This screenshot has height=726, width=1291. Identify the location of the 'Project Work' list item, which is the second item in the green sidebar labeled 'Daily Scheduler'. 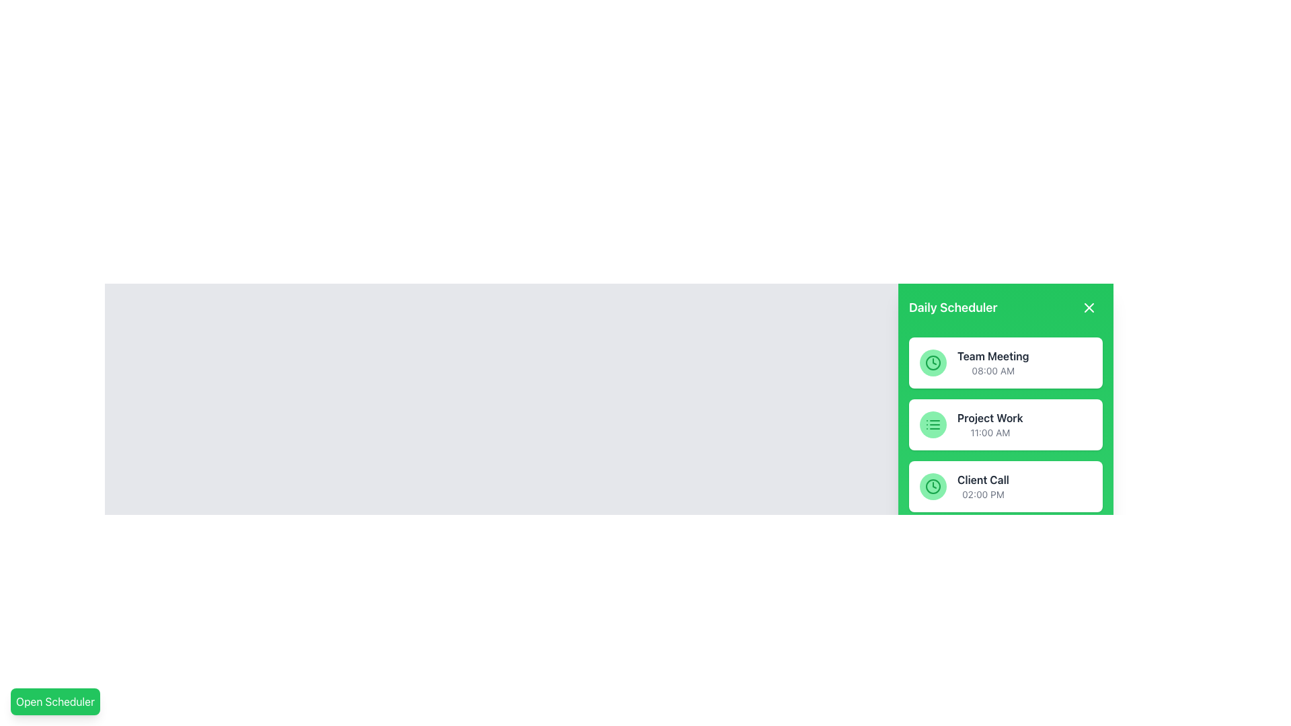
(990, 425).